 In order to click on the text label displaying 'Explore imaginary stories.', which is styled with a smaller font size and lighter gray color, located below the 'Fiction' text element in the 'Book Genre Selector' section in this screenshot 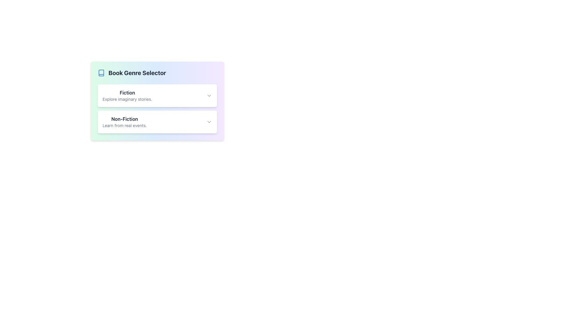, I will do `click(127, 99)`.